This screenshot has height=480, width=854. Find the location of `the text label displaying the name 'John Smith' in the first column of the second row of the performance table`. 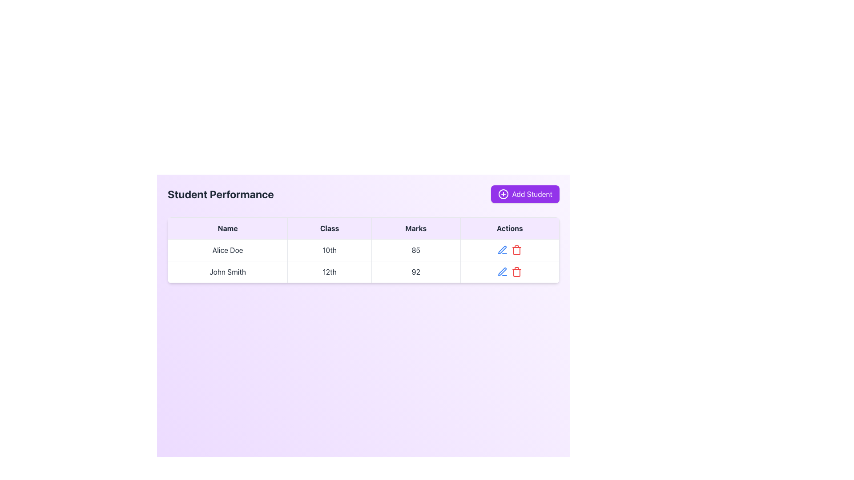

the text label displaying the name 'John Smith' in the first column of the second row of the performance table is located at coordinates (228, 272).